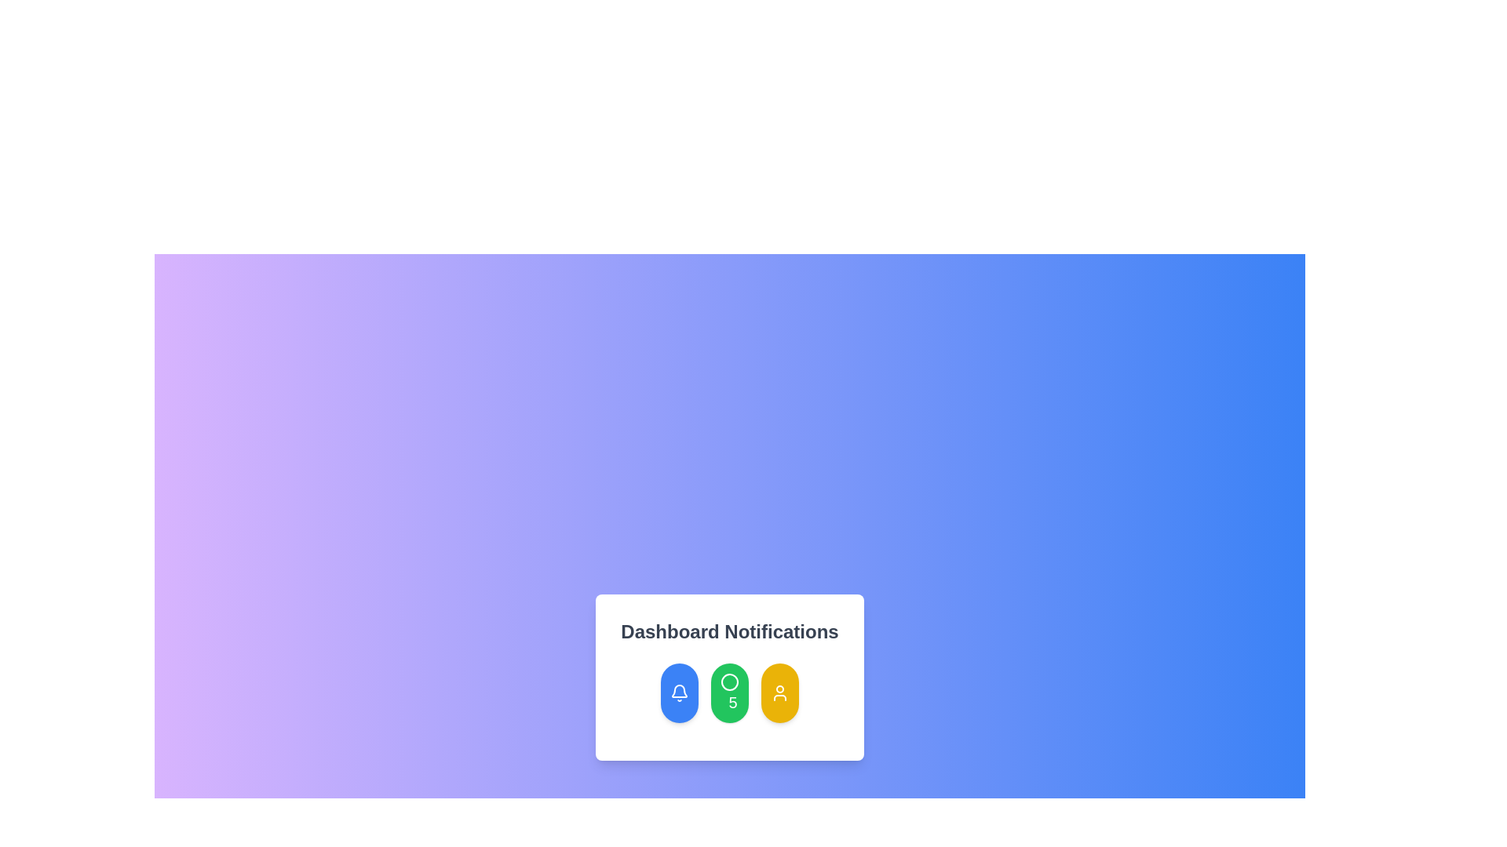  Describe the element at coordinates (732, 701) in the screenshot. I see `bold numerical text '5' which is styled in a large font and located in the center of a circular green background, positioned under the 'Dashboard Notifications' label as the middle item among three circular elements` at that location.